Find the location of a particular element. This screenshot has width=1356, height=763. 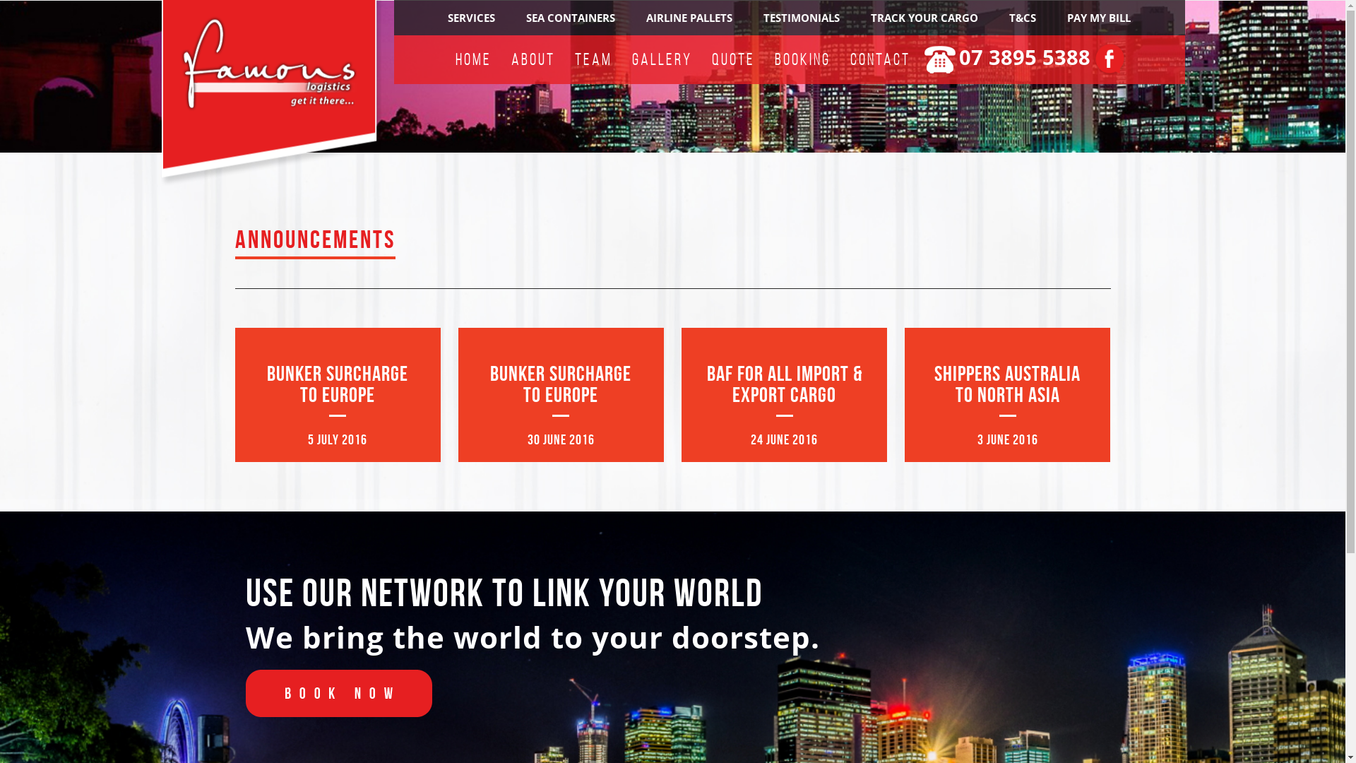

'F' is located at coordinates (1110, 59).